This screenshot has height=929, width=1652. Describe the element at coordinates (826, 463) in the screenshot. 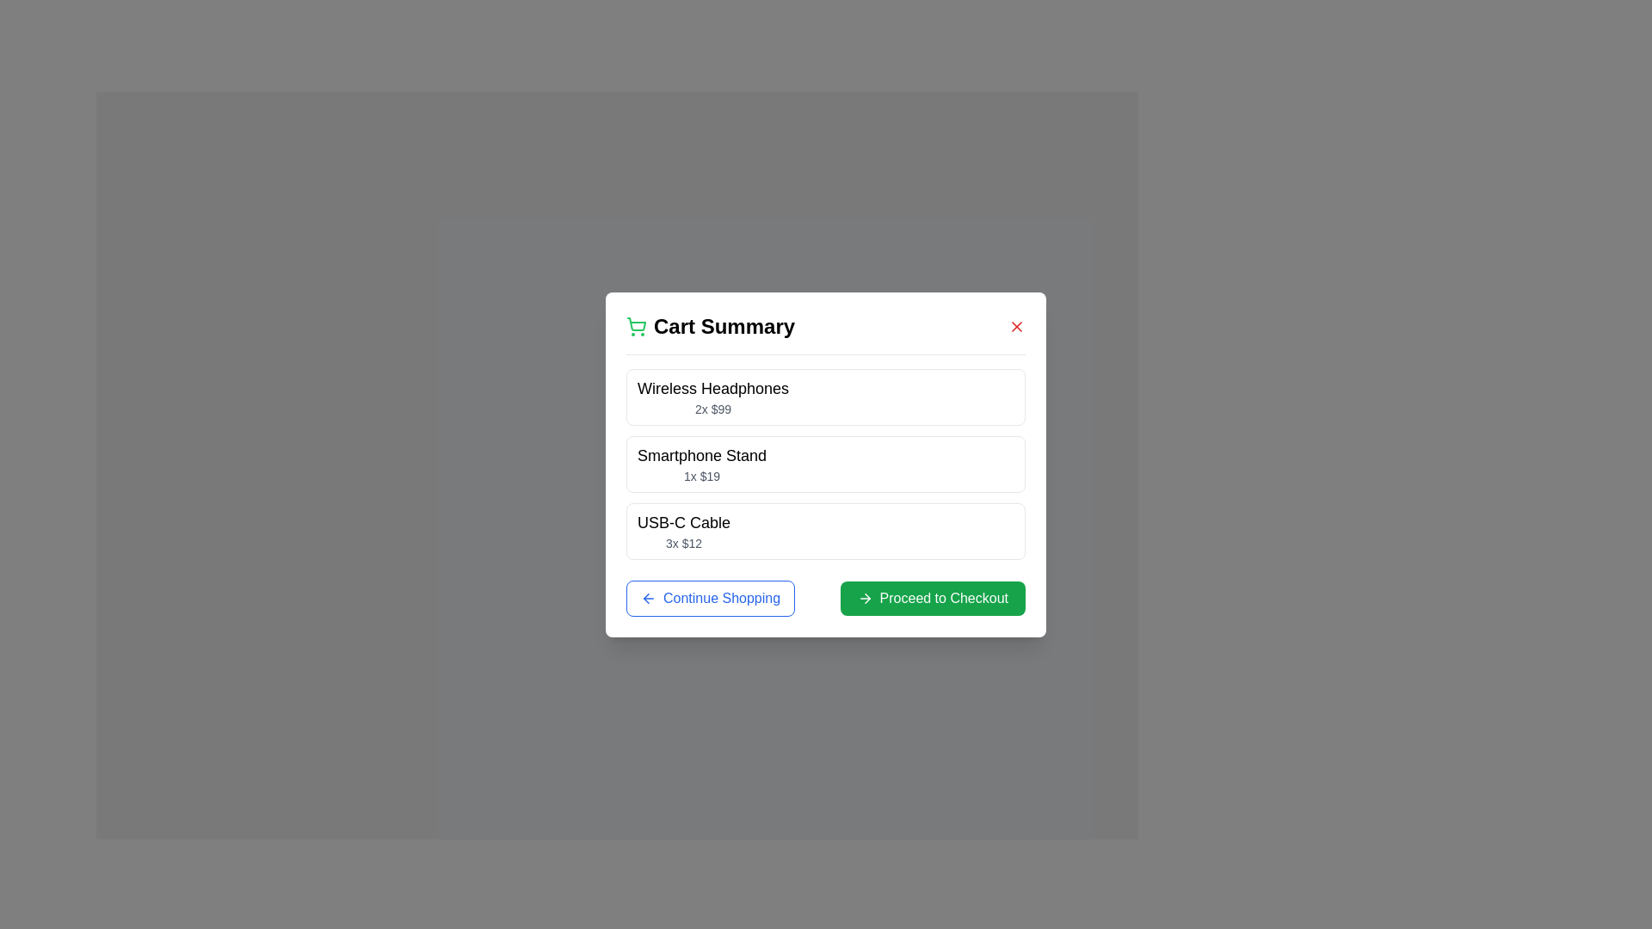

I see `the product information list item labeled 'Smartphone Stand' which displays '1x $19' in the 'Cart Summary'` at that location.